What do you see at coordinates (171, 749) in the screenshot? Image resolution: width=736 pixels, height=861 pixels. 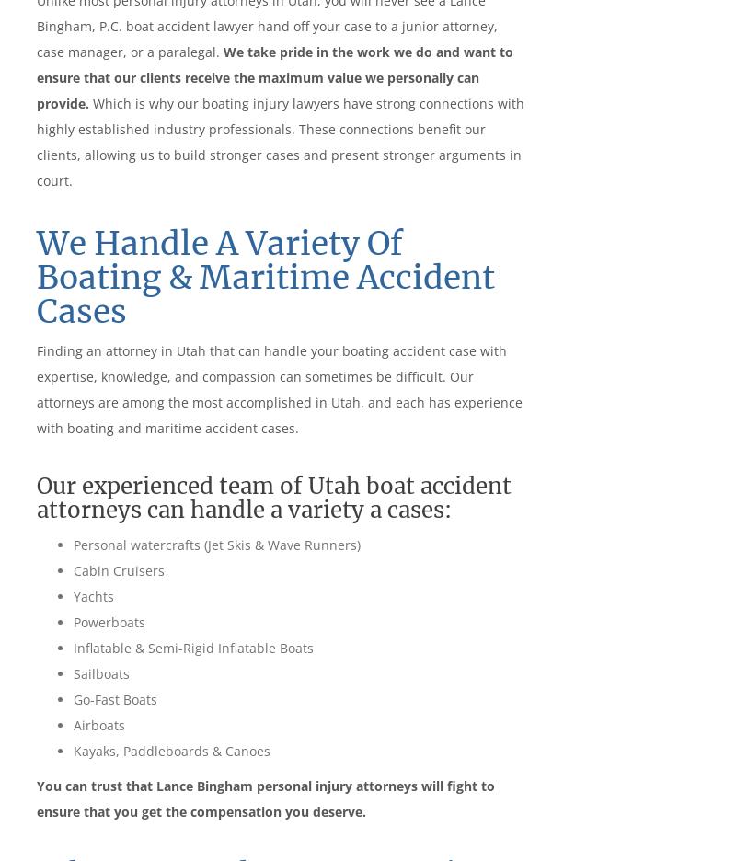 I see `'Kayaks, Paddleboards & Canoes'` at bounding box center [171, 749].